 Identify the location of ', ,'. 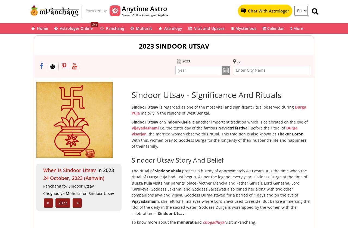
(238, 61).